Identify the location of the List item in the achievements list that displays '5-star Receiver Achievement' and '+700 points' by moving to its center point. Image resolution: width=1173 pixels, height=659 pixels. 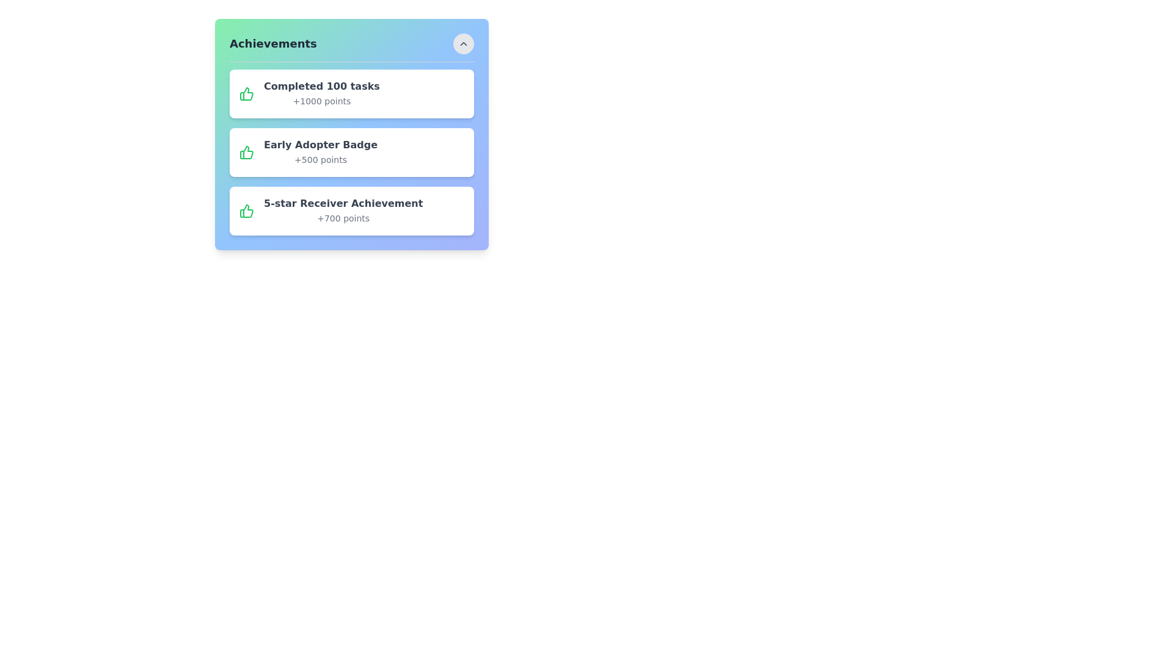
(351, 211).